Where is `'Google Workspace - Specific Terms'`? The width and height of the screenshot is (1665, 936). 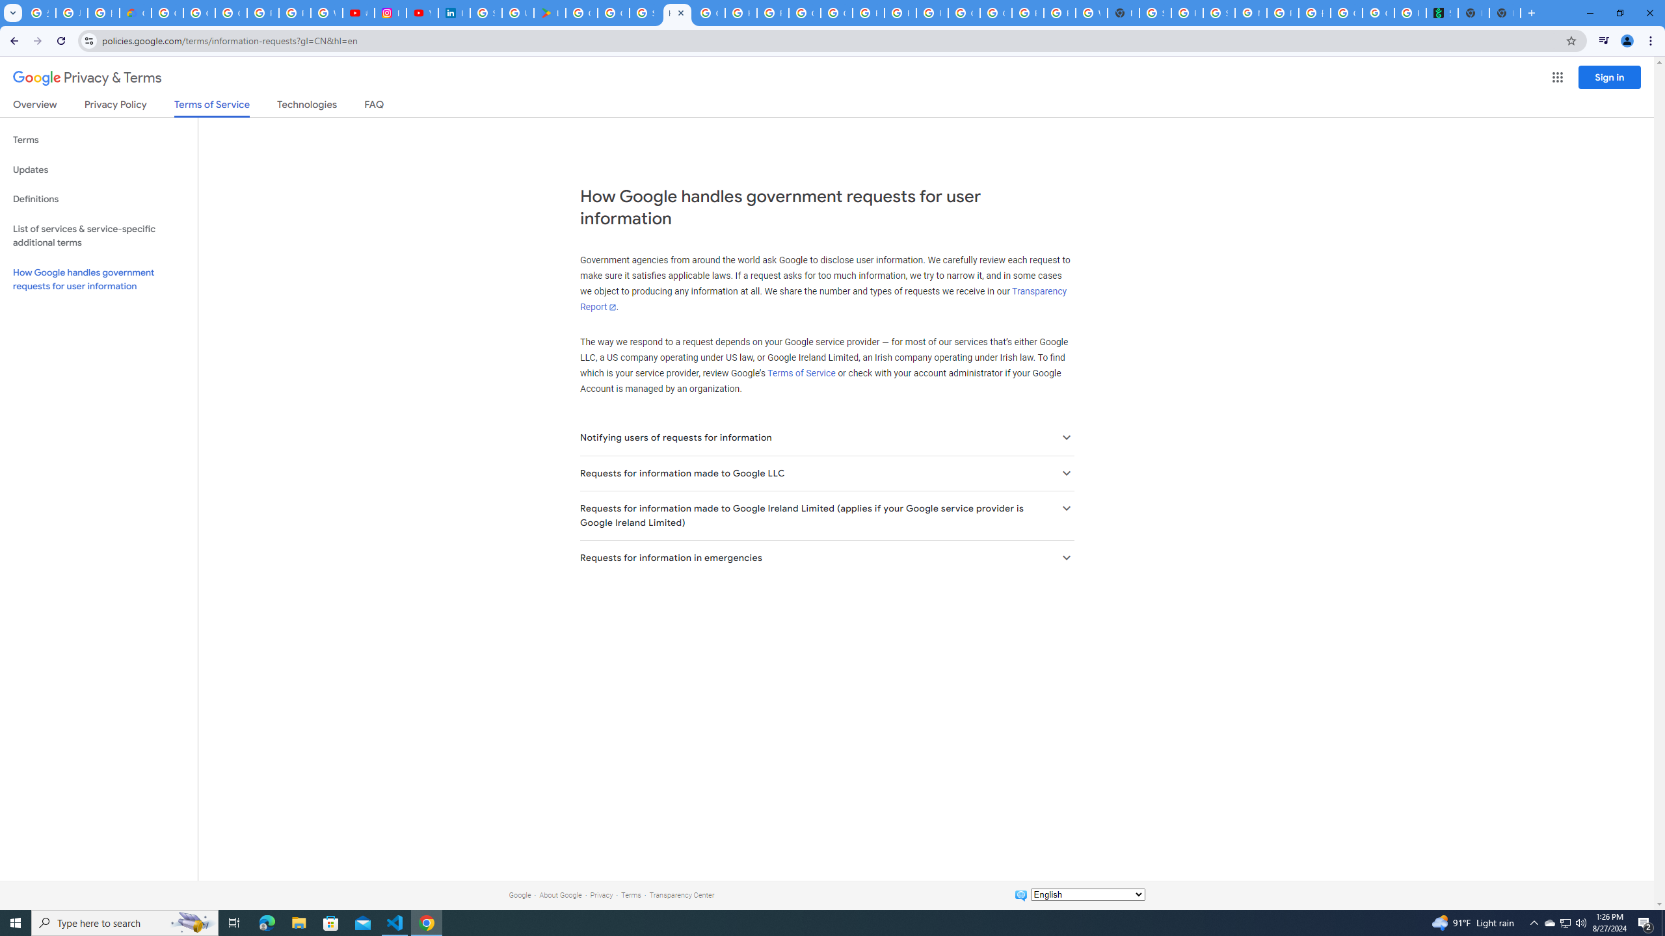
'Google Workspace - Specific Terms' is located at coordinates (613, 12).